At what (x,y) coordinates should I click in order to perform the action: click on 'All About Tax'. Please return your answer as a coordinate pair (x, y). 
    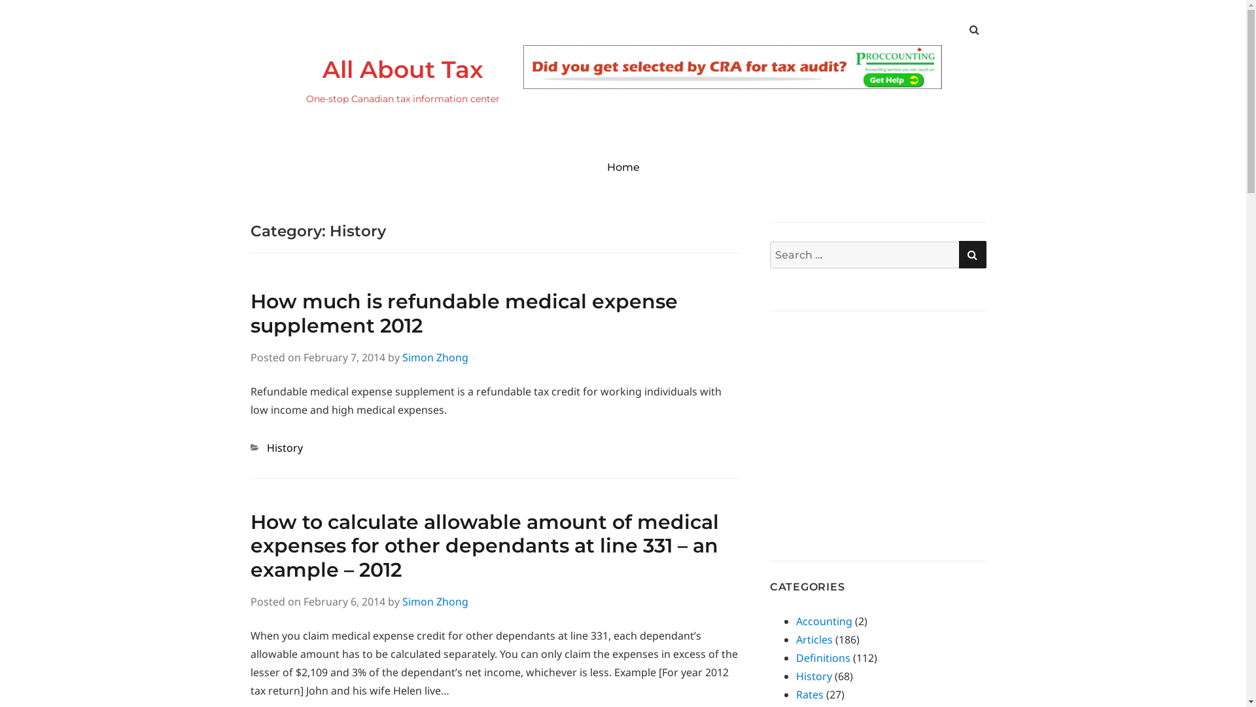
    Looking at the image, I should click on (401, 69).